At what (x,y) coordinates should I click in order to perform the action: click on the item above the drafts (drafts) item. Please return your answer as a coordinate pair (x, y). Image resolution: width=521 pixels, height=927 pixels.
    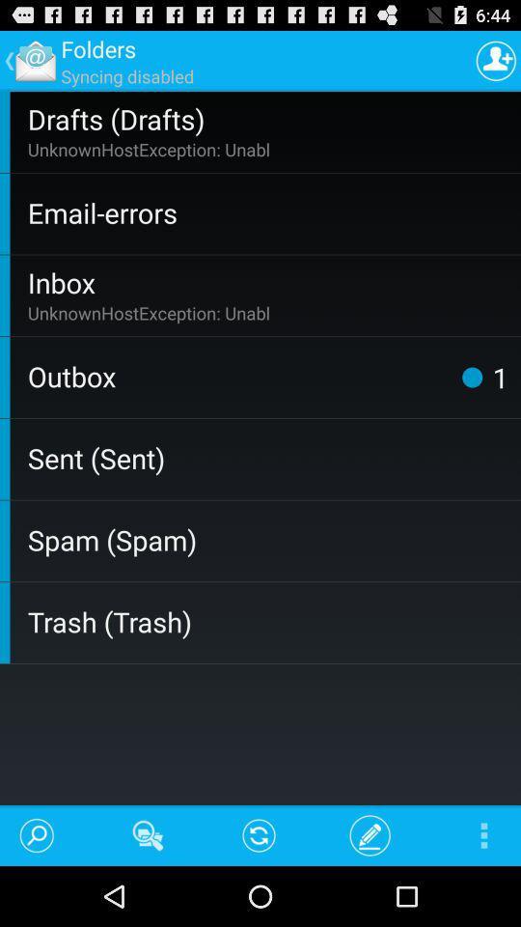
    Looking at the image, I should click on (496, 60).